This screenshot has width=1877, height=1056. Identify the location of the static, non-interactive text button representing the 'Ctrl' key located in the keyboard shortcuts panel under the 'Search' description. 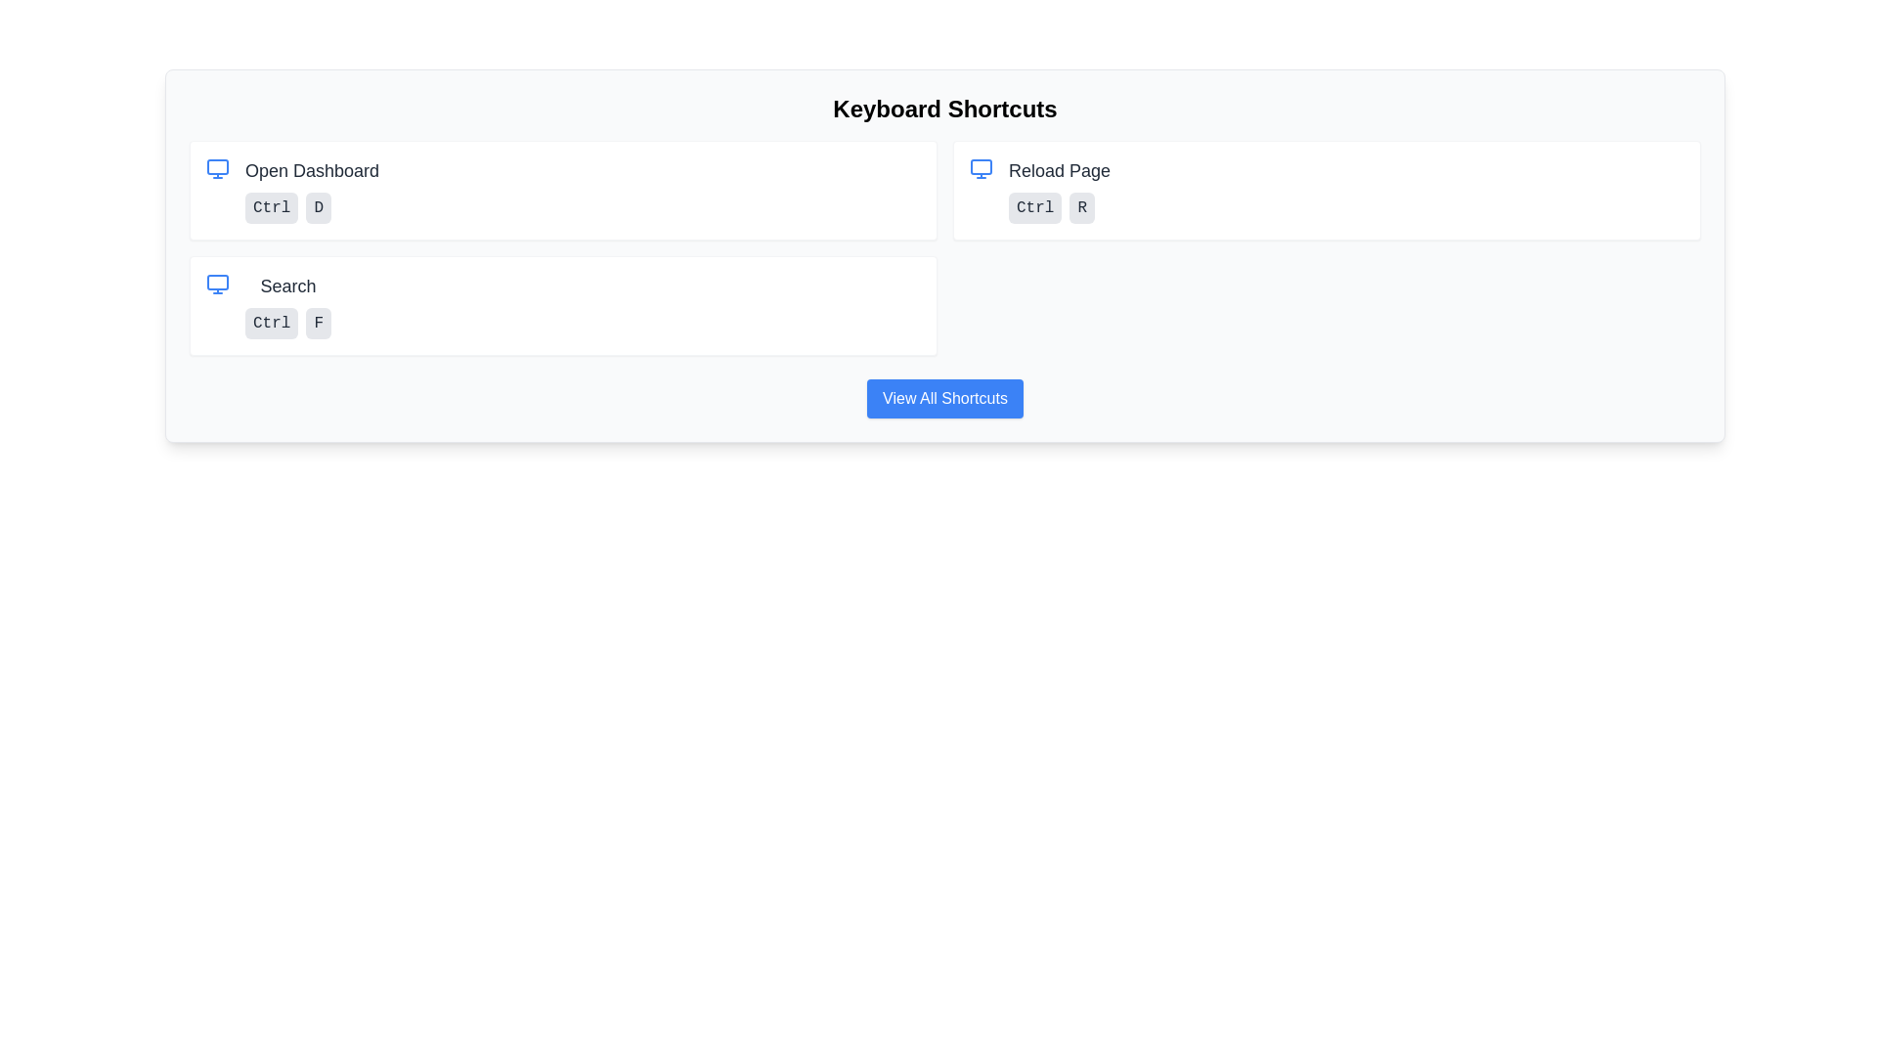
(271, 323).